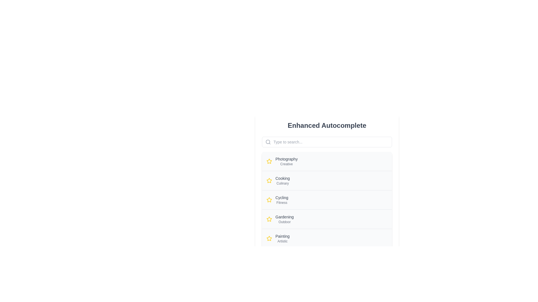 Image resolution: width=538 pixels, height=302 pixels. Describe the element at coordinates (284, 219) in the screenshot. I see `the 'Gardening' category label in the list, which consists of two lines of text, with 'Gardening' in a larger font above 'Outdoor'` at that location.